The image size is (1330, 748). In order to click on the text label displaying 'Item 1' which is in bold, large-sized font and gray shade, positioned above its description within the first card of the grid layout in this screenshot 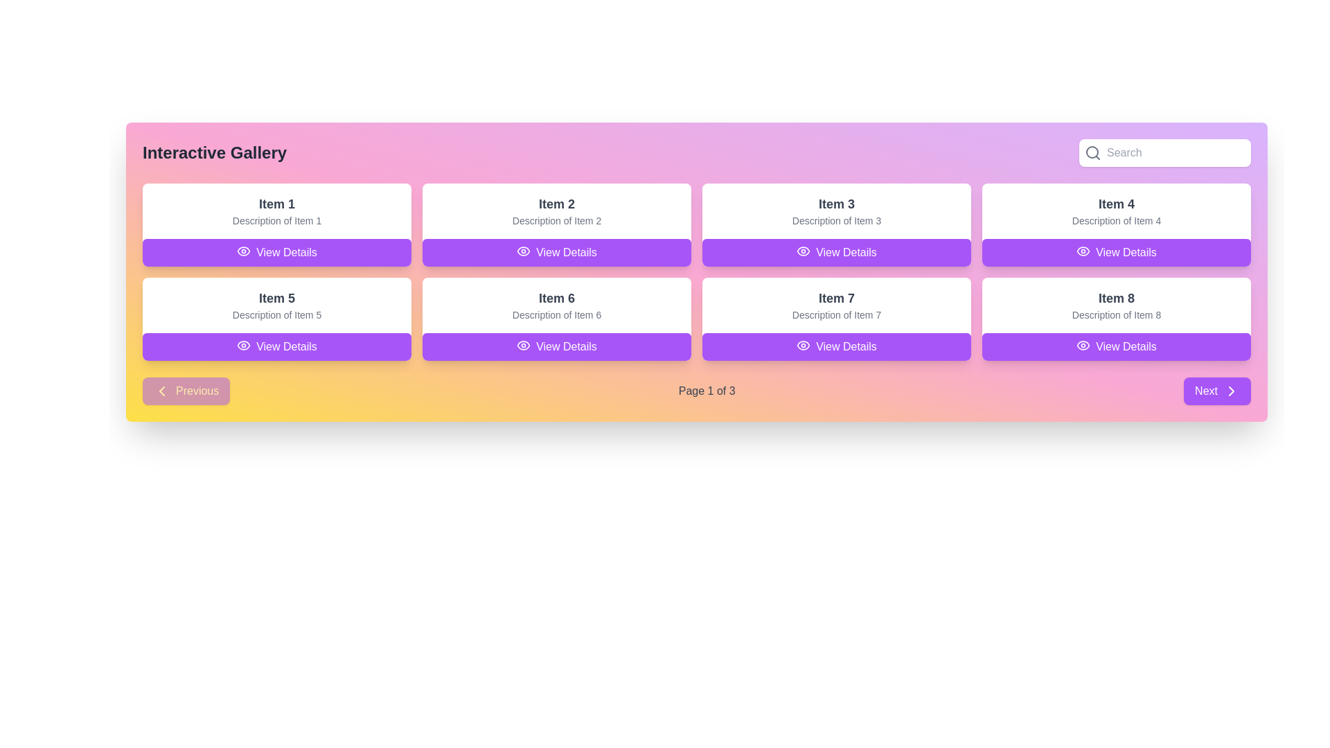, I will do `click(276, 204)`.